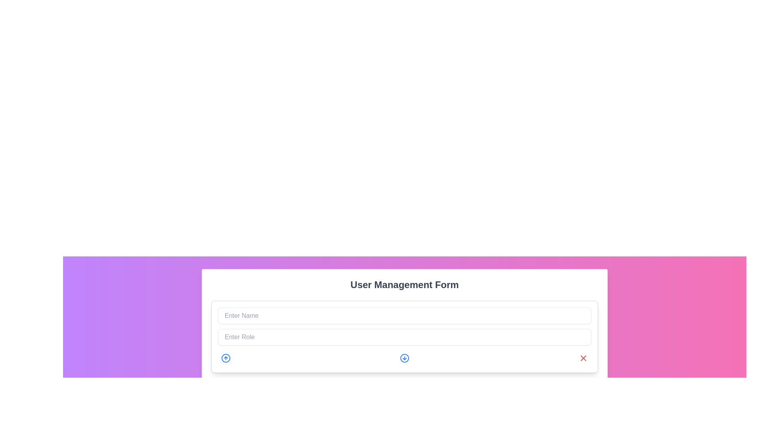  I want to click on the center of the icon button located at the bottom center of the 'User Management Form', so click(405, 358).